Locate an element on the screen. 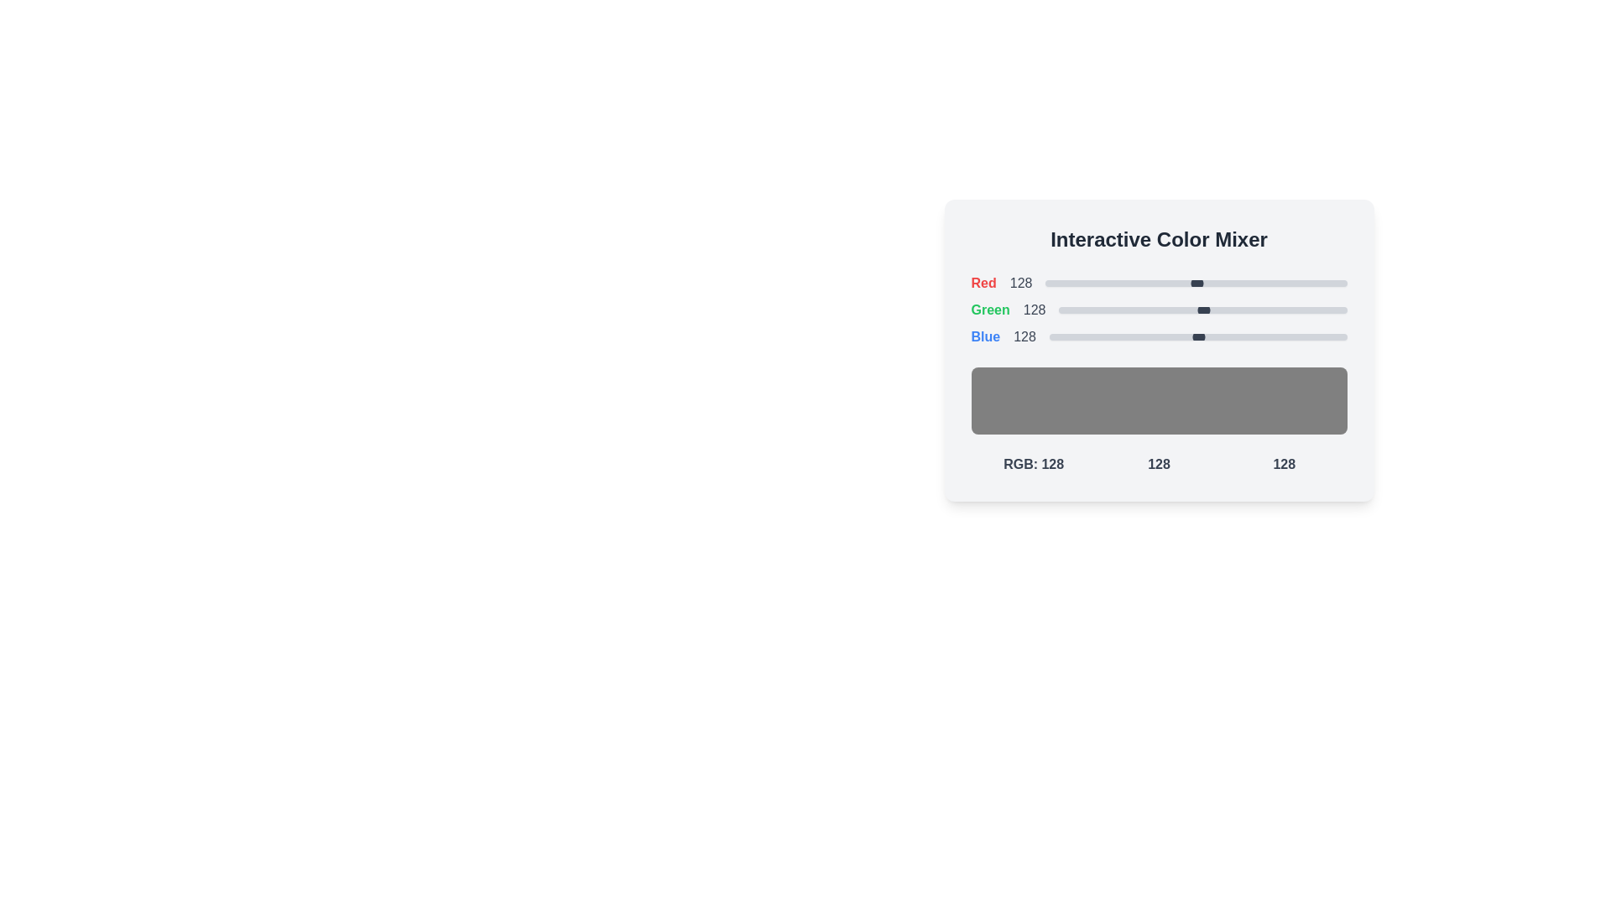 This screenshot has width=1611, height=906. the green color intensity is located at coordinates (1065, 310).